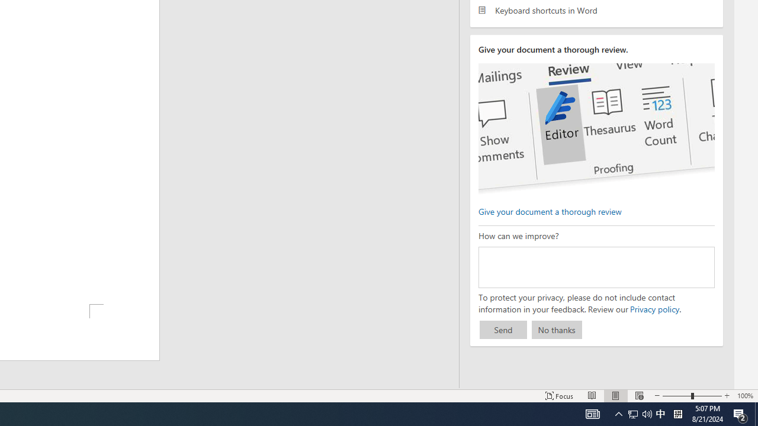 This screenshot has width=758, height=426. I want to click on 'Privacy policy', so click(654, 308).